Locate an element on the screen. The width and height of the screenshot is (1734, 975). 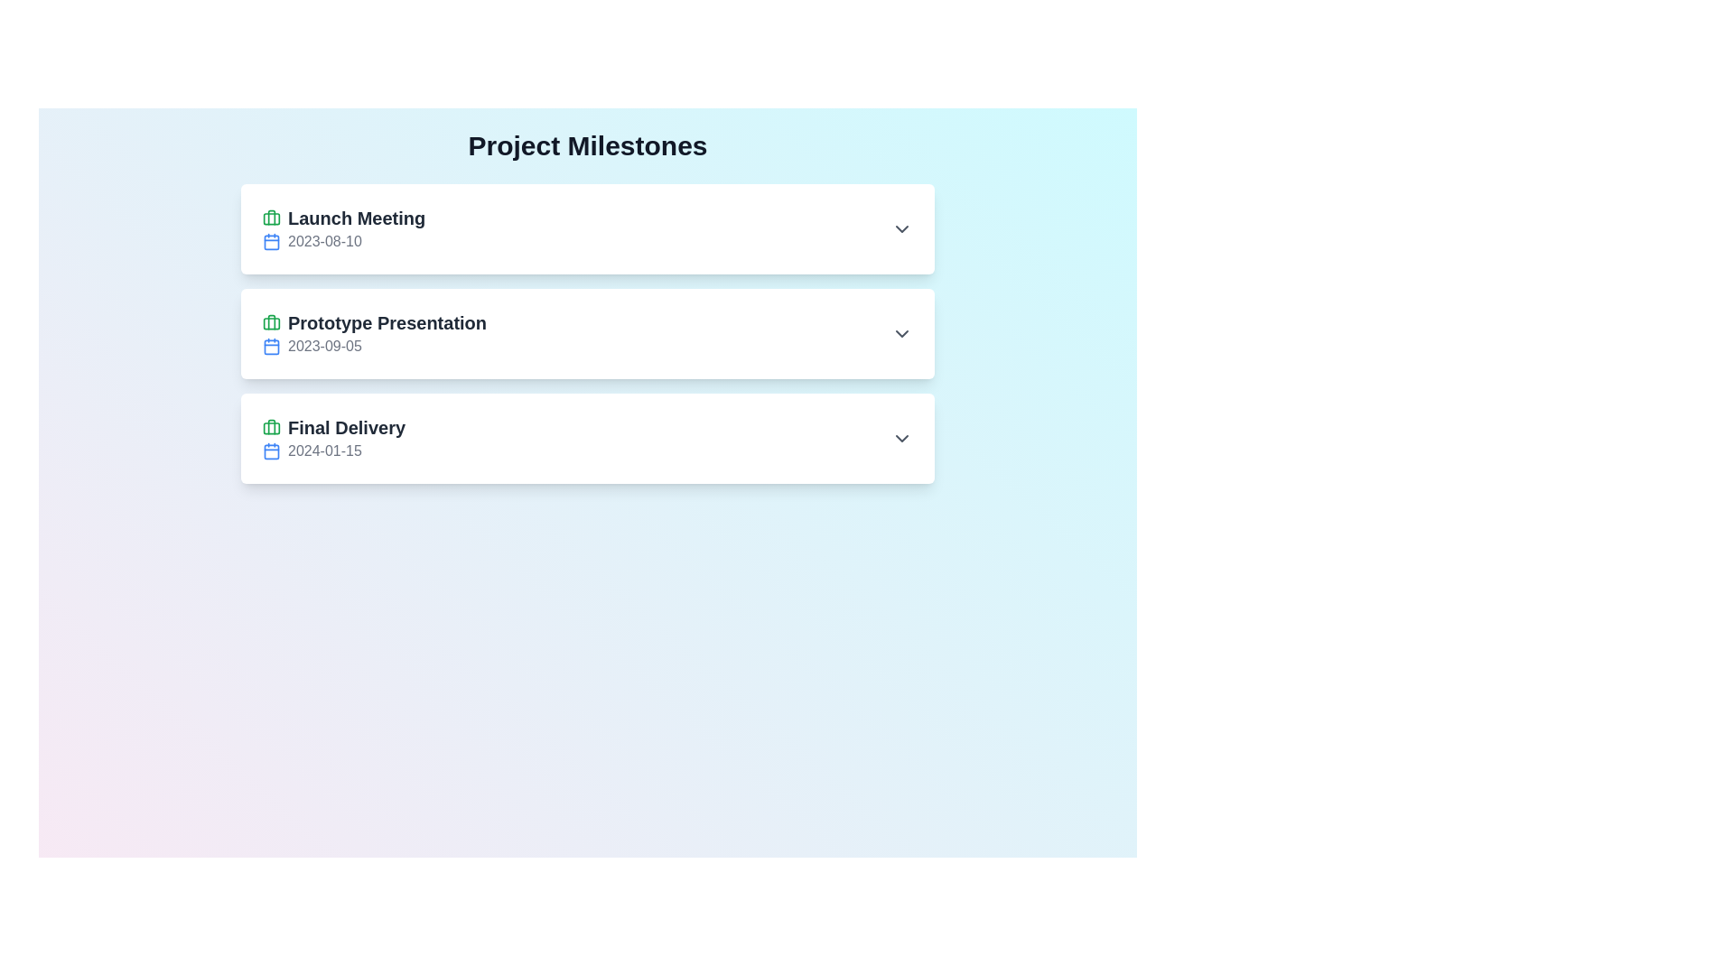
the heading text element located at the top of the main content section, which serves as a title for significant project events or tasks is located at coordinates (588, 145).